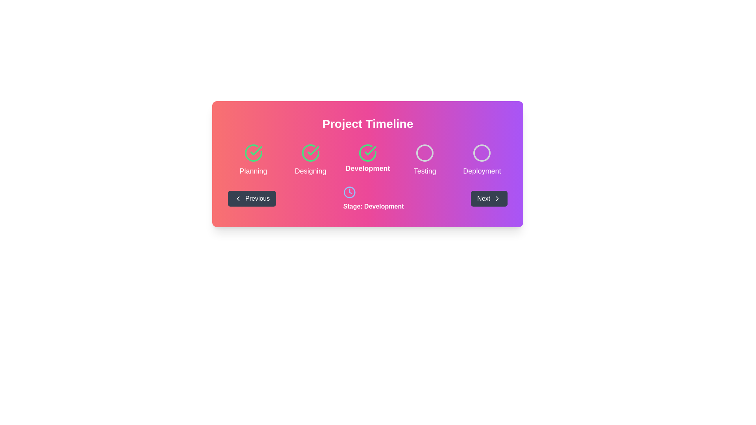 This screenshot has height=425, width=756. I want to click on the 'Testing' stage indicator in the project timeline, which is the fourth element in a horizontally-aligned grid of five steps, so click(424, 160).